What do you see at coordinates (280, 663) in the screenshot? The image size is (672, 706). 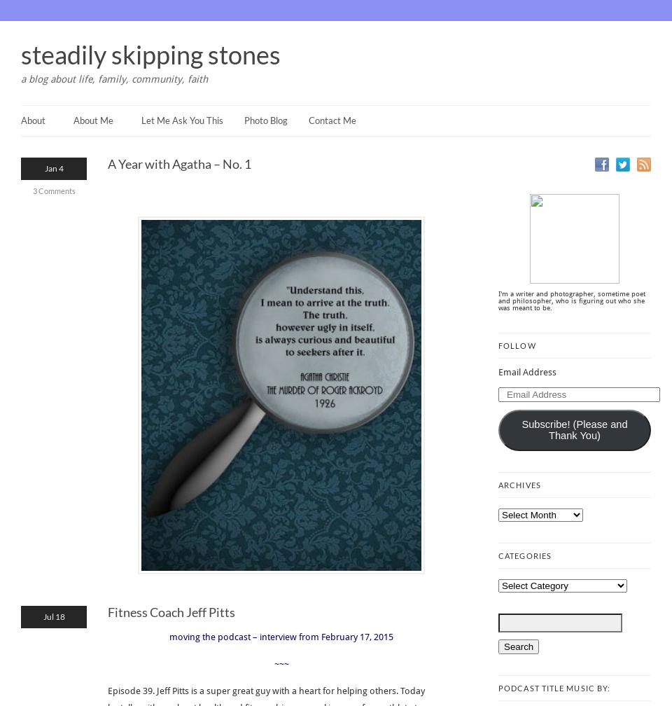 I see `'~~~'` at bounding box center [280, 663].